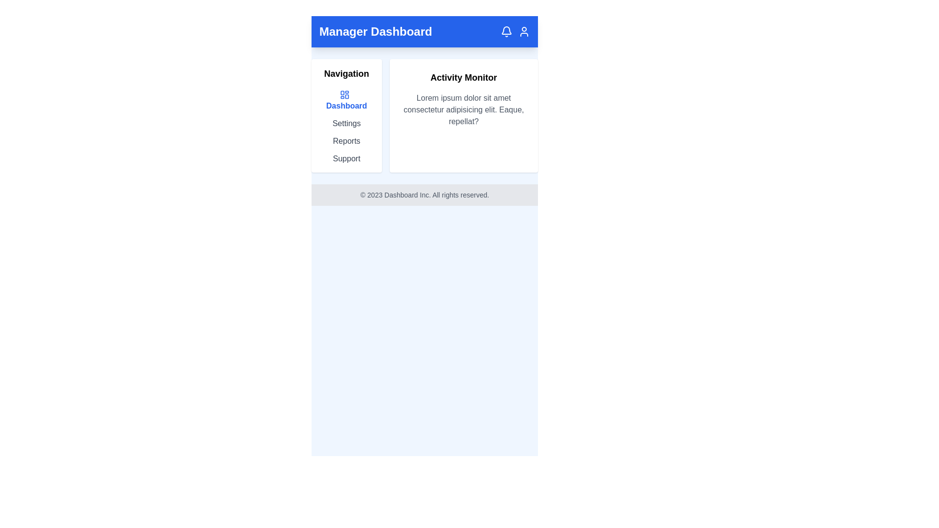 Image resolution: width=939 pixels, height=528 pixels. I want to click on the 'Manager Dashboard' text label located on the top bar, which is styled in bold, large white font against a blue background, so click(375, 31).